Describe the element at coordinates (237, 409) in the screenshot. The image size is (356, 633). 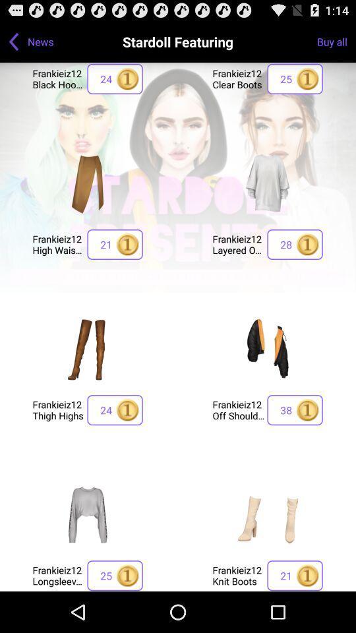
I see `button to the left of the 38 button` at that location.